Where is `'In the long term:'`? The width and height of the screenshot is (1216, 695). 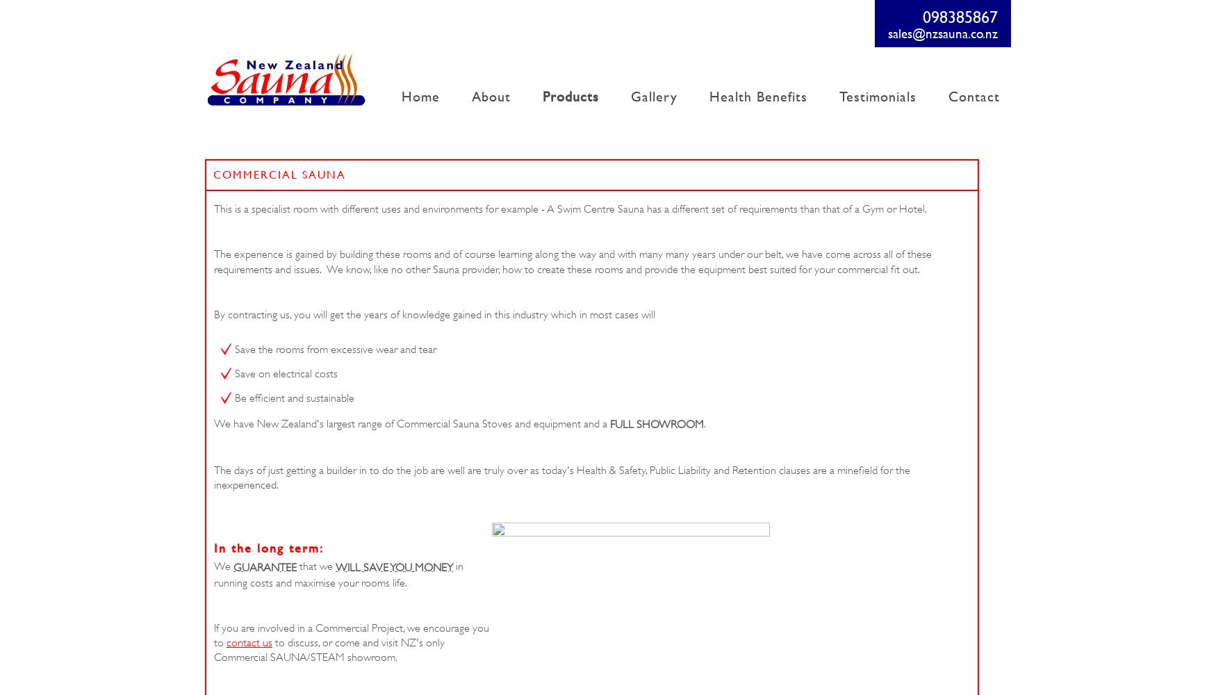 'In the long term:' is located at coordinates (268, 547).